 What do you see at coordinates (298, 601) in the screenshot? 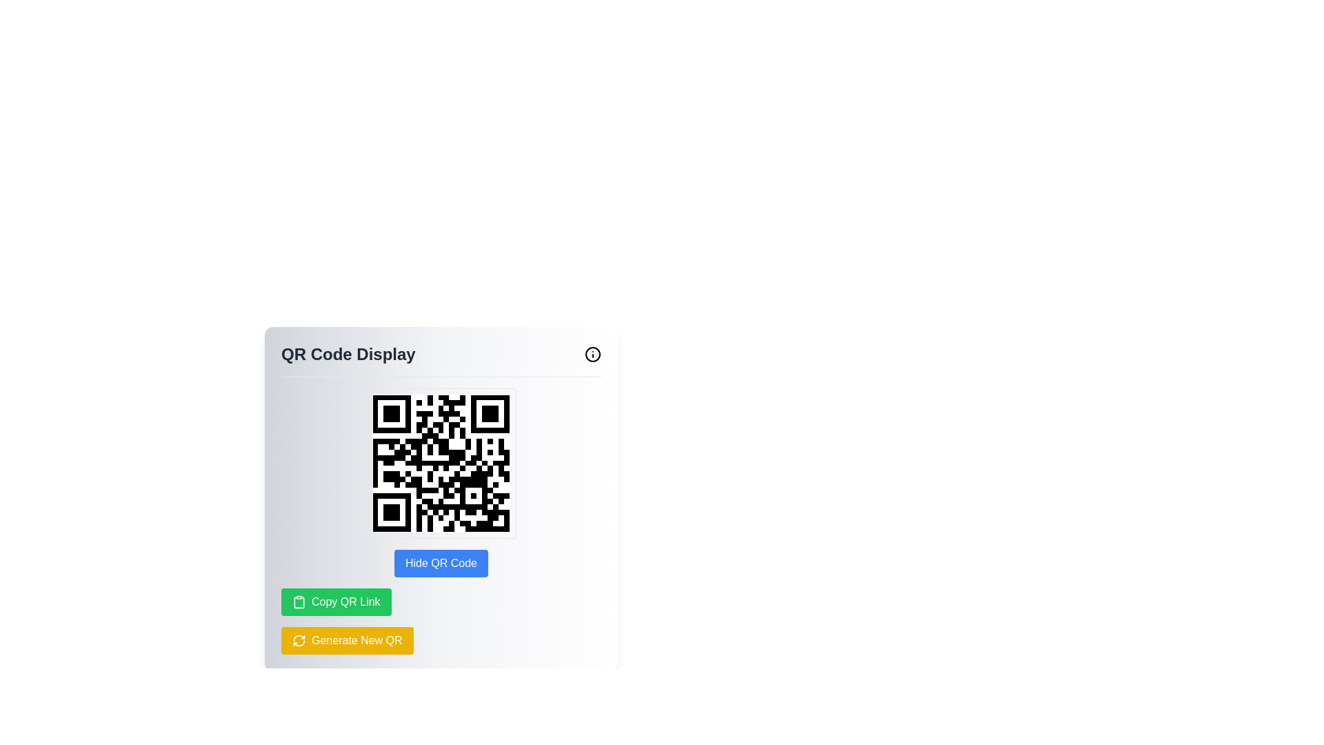
I see `the clipboard icon with a green background located to the left of the 'Copy QR Link' text` at bounding box center [298, 601].